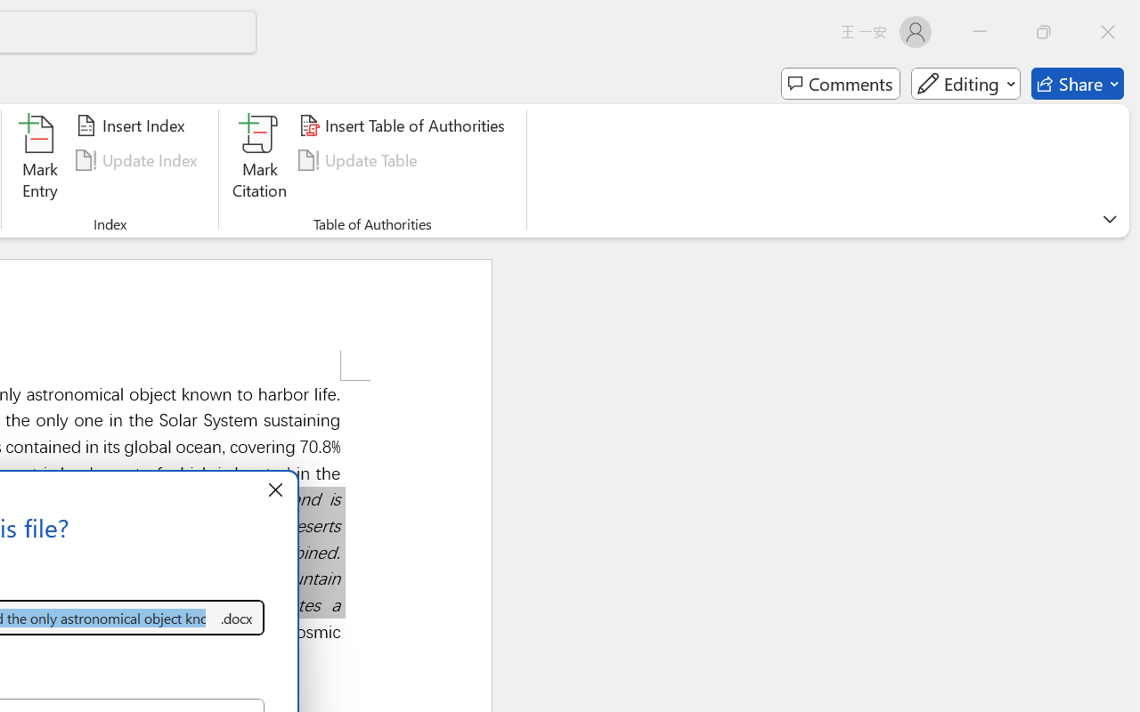 This screenshot has width=1140, height=712. What do you see at coordinates (39, 159) in the screenshot?
I see `'Mark Entry...'` at bounding box center [39, 159].